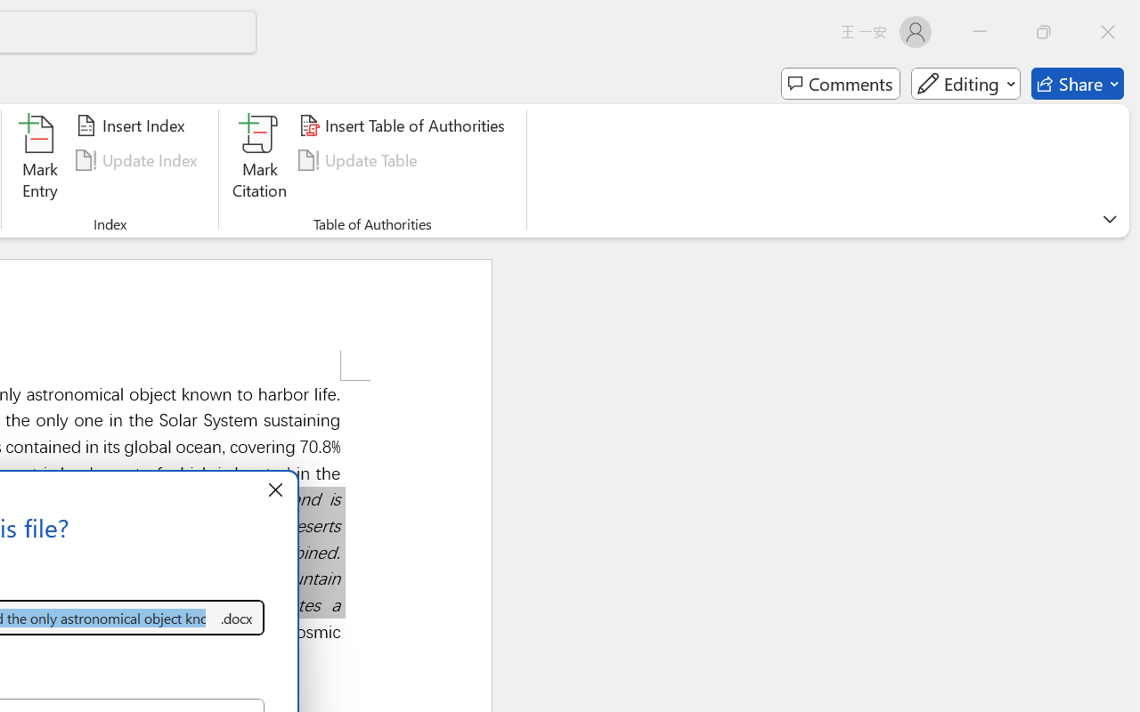 This screenshot has width=1140, height=712. What do you see at coordinates (39, 159) in the screenshot?
I see `'Mark Entry...'` at bounding box center [39, 159].